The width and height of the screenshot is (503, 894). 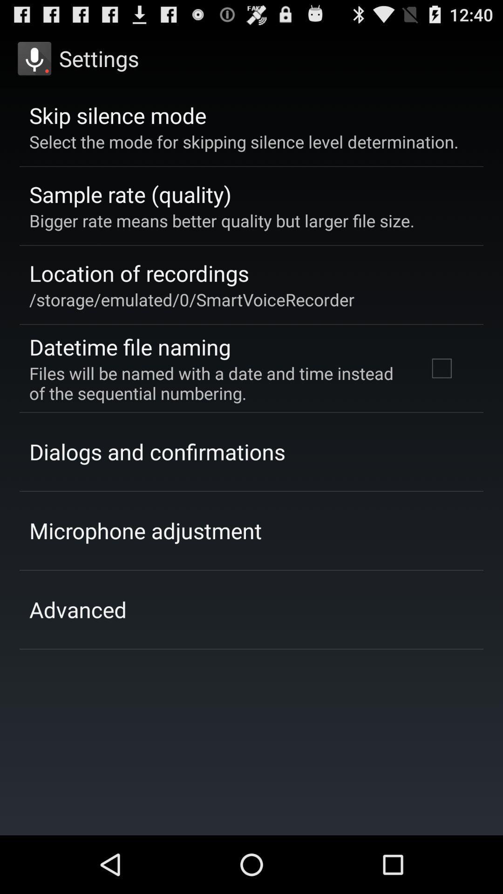 I want to click on the app above the datetime file naming app, so click(x=191, y=299).